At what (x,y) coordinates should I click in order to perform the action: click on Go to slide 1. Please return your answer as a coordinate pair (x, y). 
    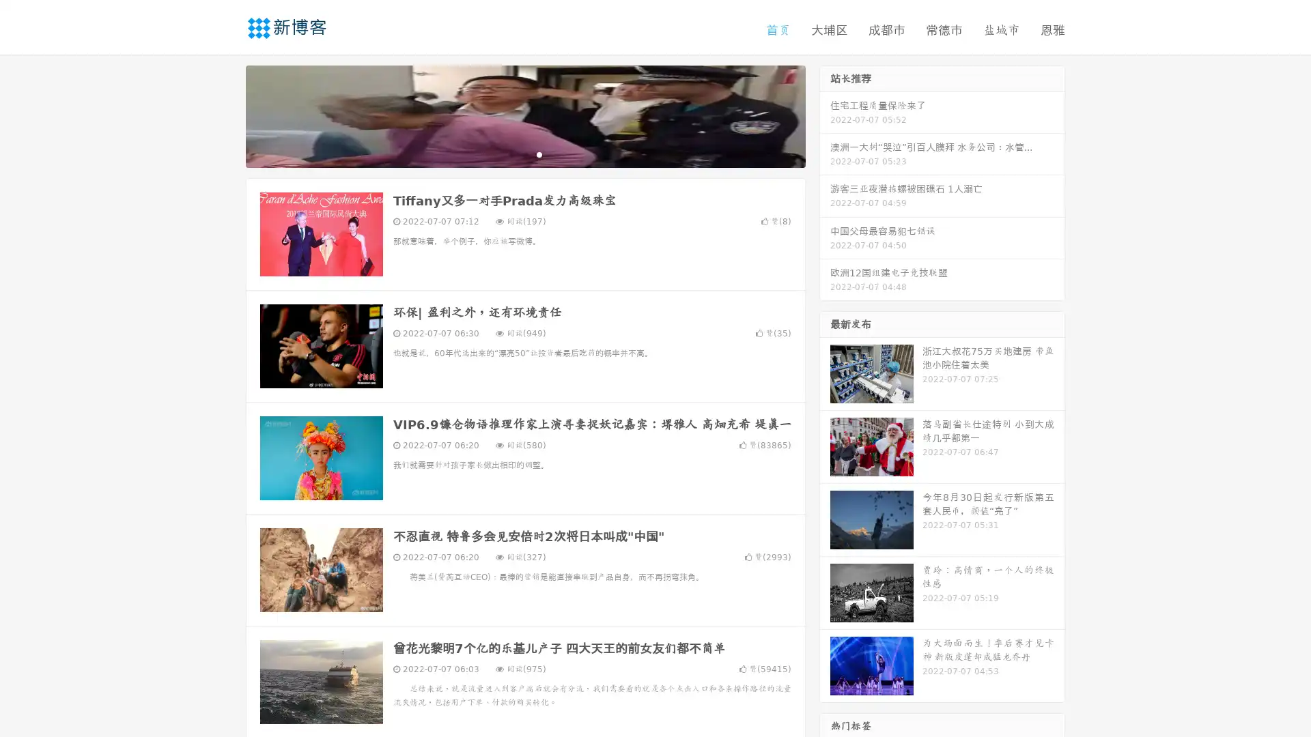
    Looking at the image, I should click on (511, 154).